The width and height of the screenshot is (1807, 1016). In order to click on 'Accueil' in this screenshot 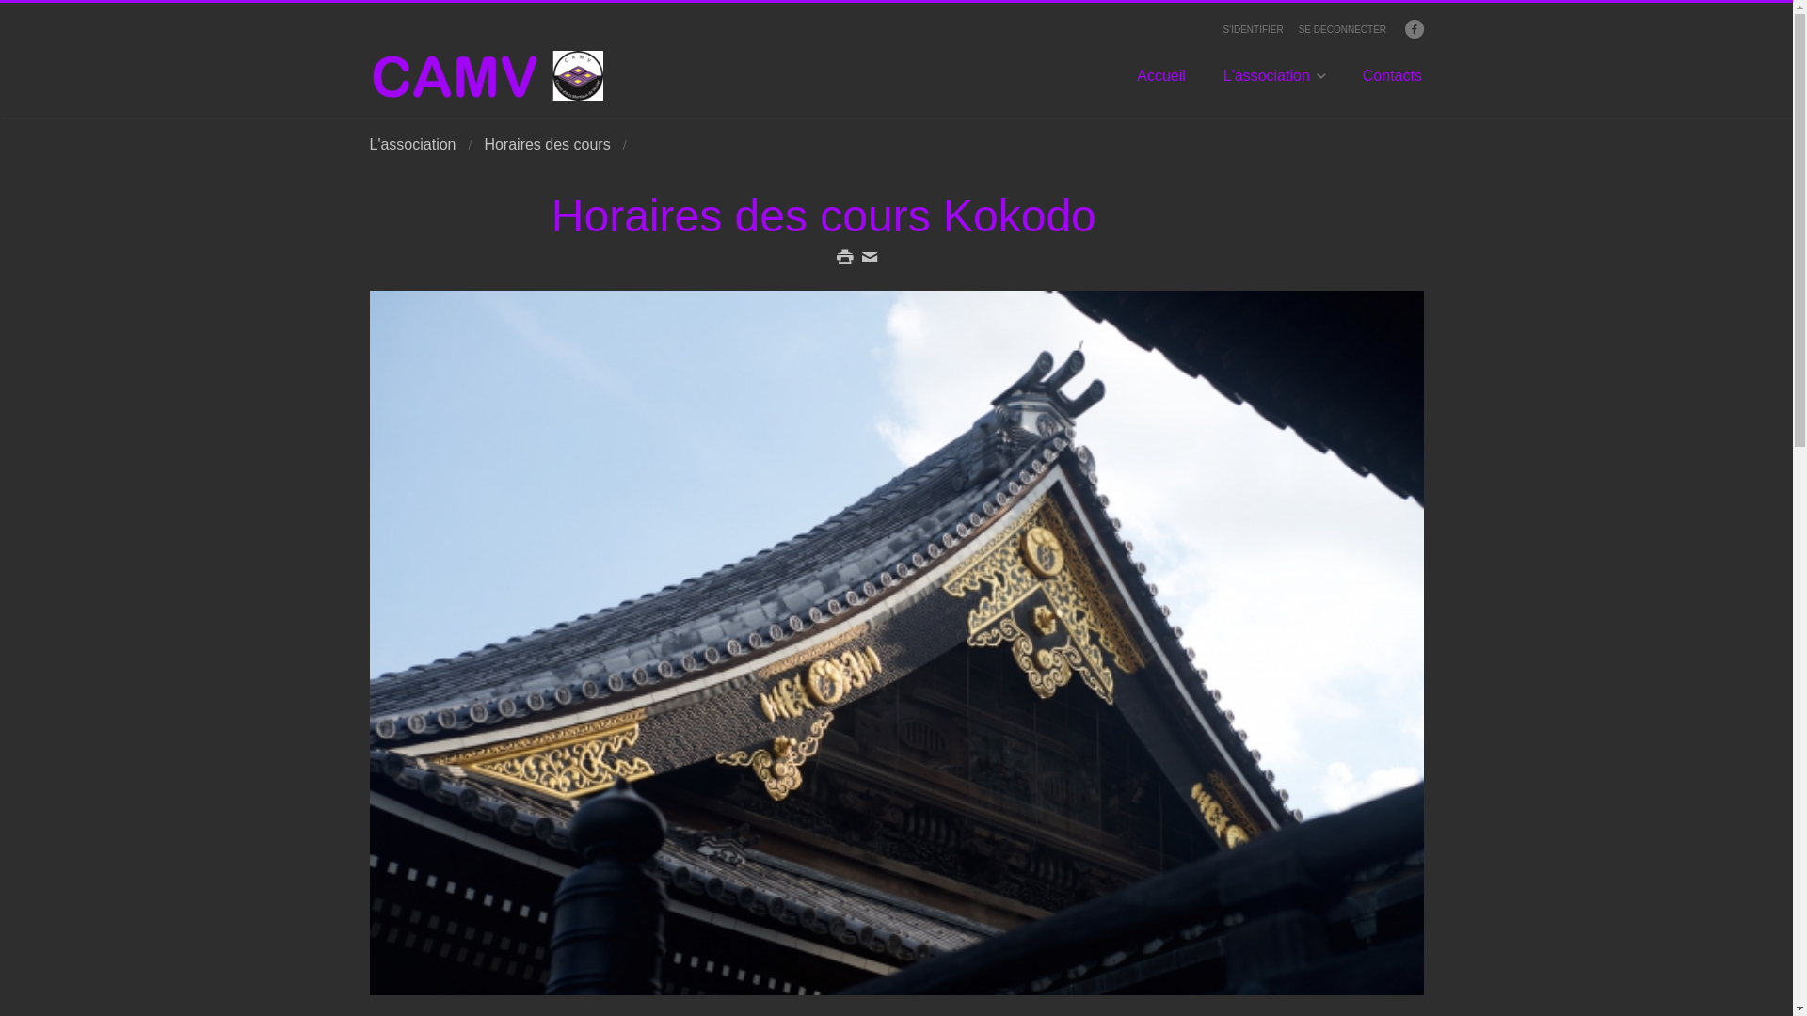, I will do `click(1159, 83)`.